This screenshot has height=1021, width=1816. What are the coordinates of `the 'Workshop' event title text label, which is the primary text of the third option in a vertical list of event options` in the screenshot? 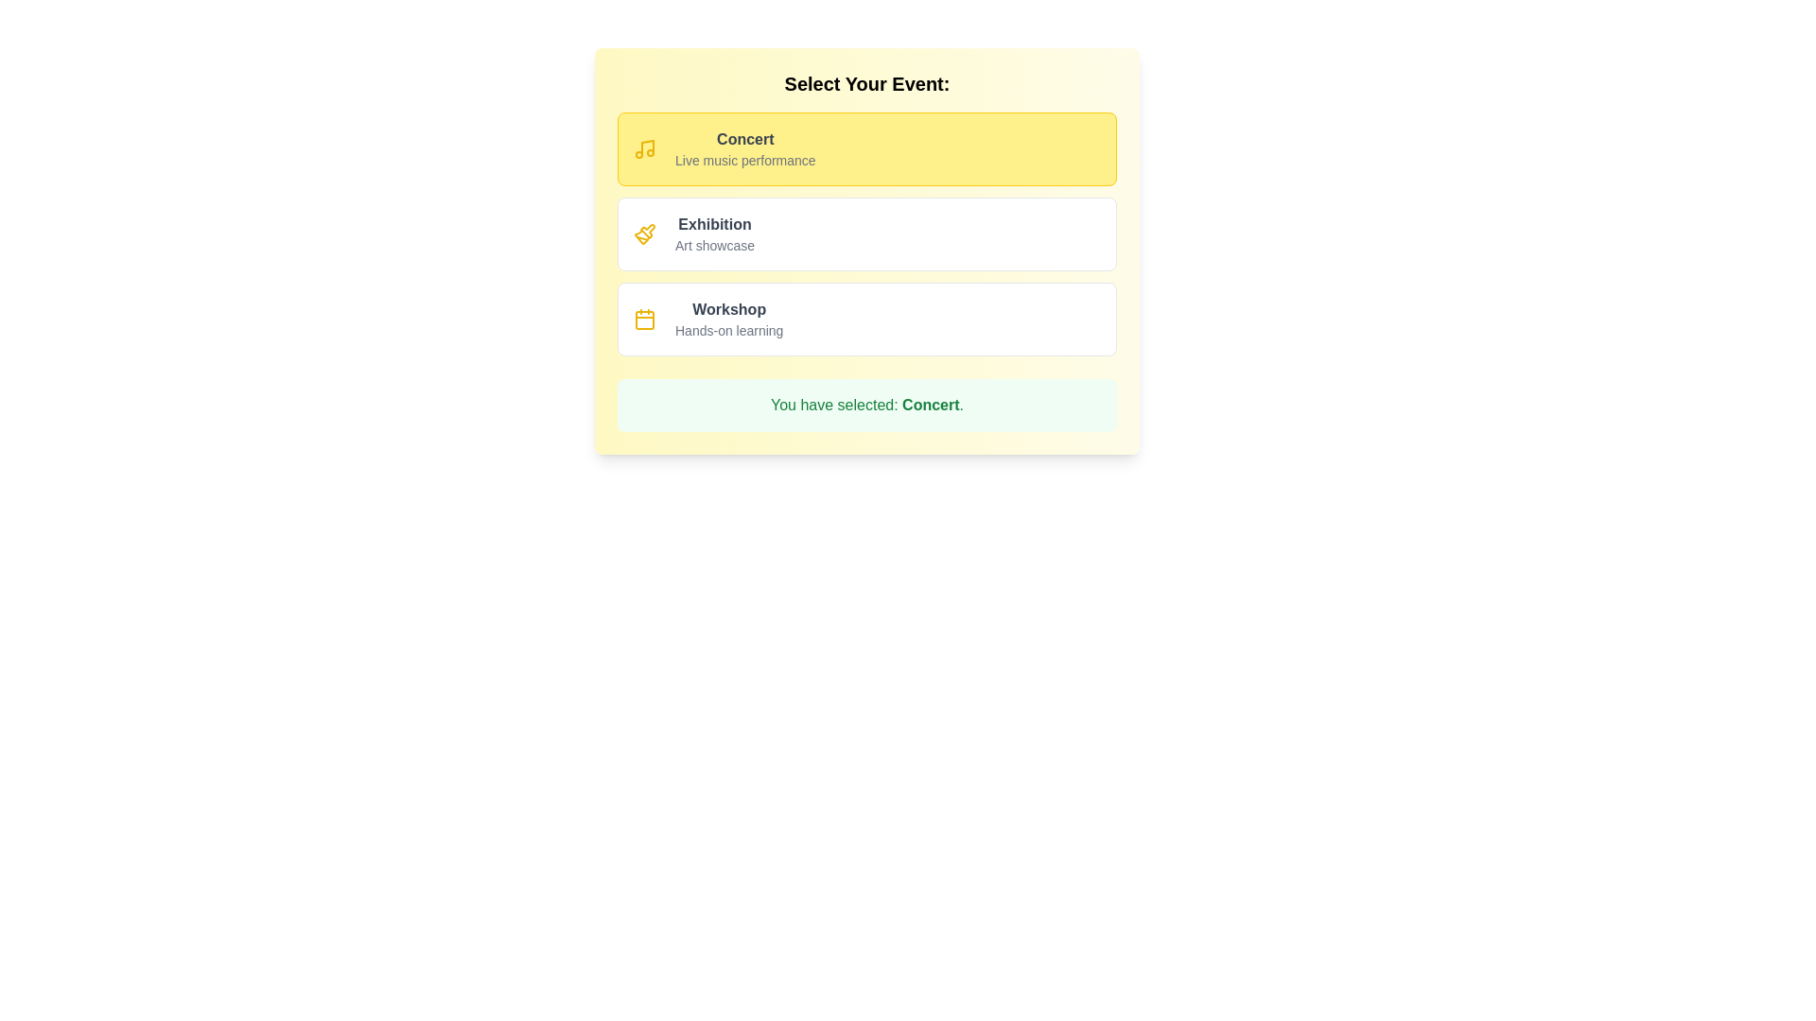 It's located at (728, 308).